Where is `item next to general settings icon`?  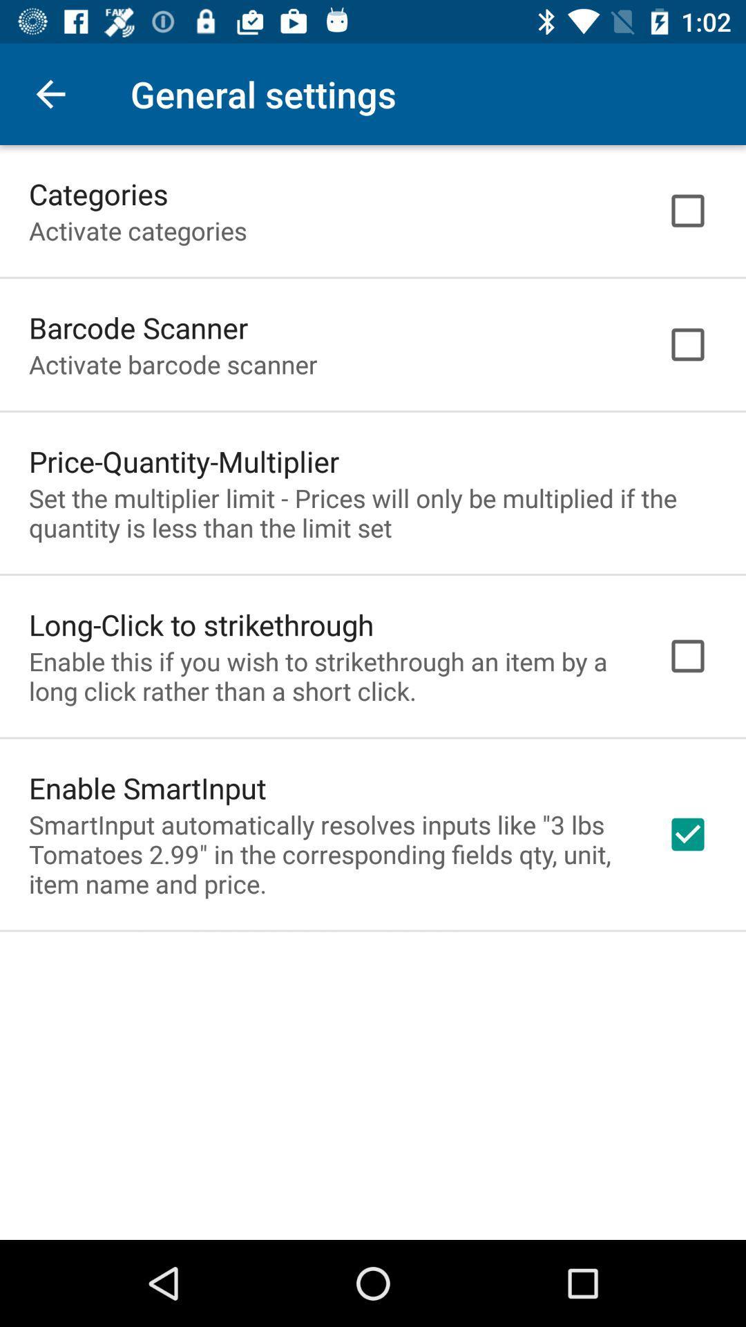 item next to general settings icon is located at coordinates (50, 93).